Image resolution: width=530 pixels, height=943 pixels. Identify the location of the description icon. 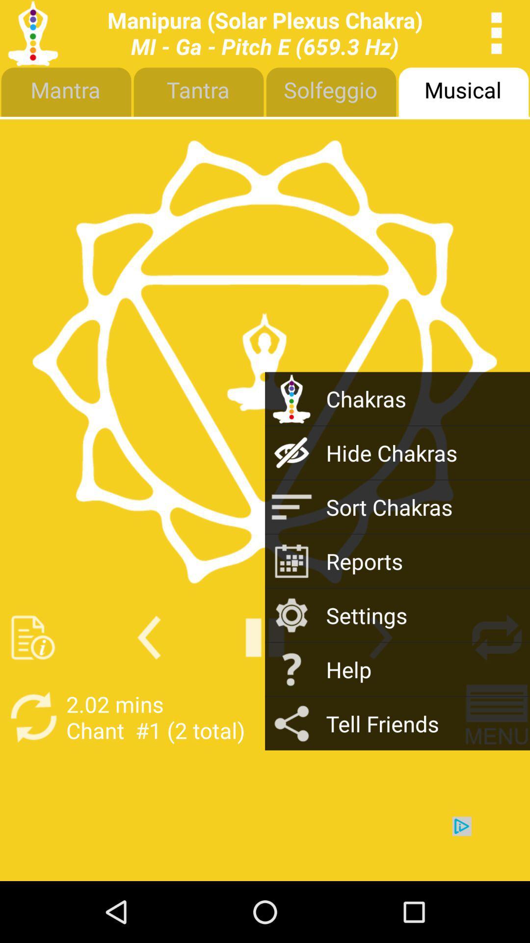
(32, 682).